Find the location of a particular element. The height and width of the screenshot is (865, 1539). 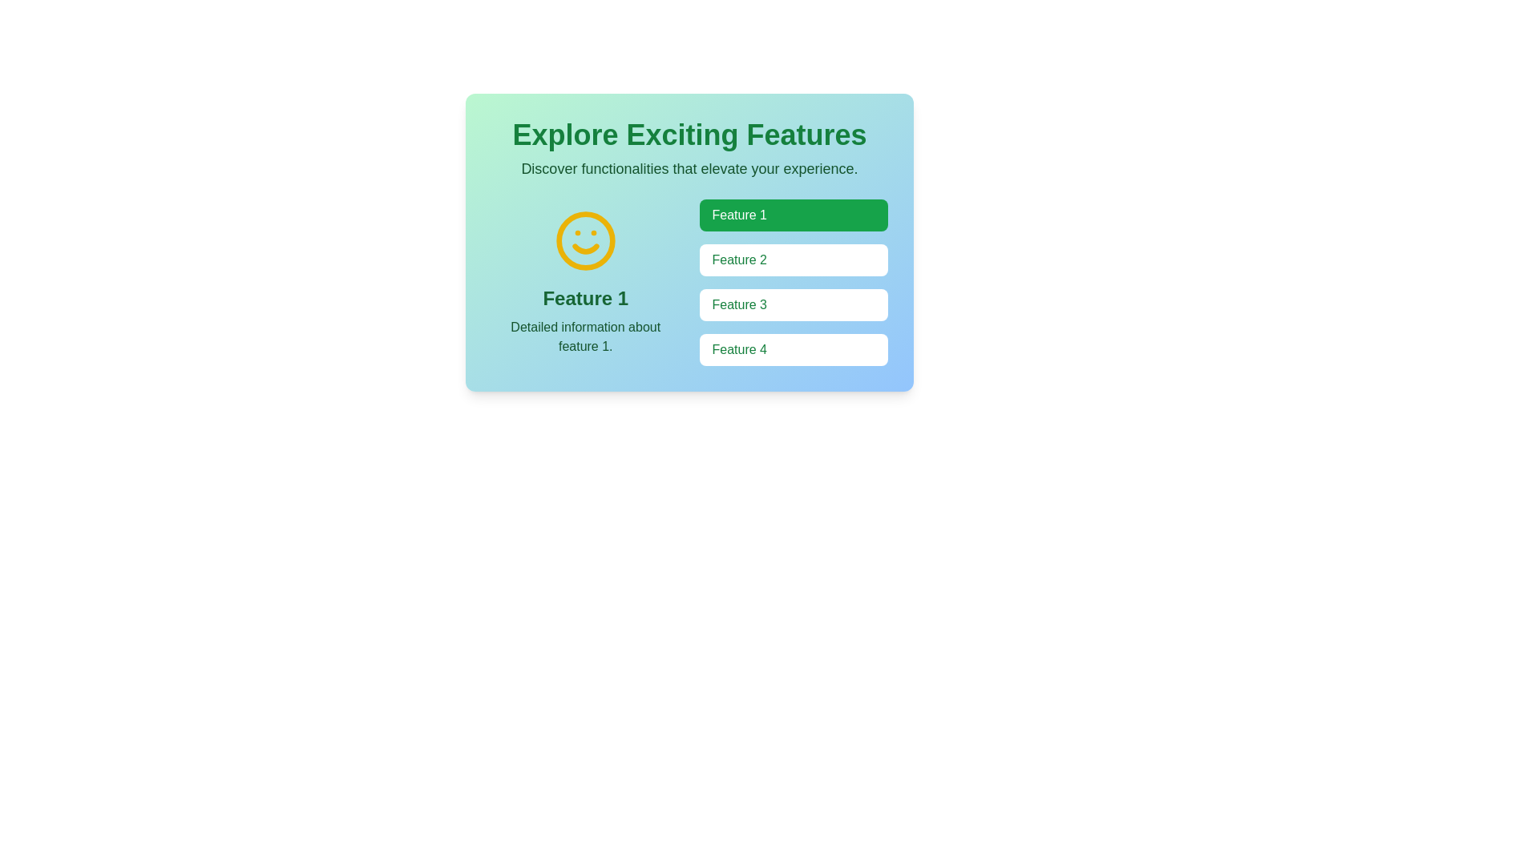

the circular smiling face decorative icon with a bright yellow outline, positioned above the heading 'Feature 1' is located at coordinates (584, 240).